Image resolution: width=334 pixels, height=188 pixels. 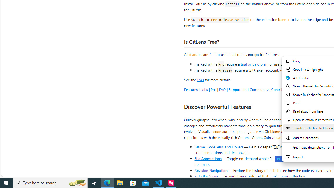 What do you see at coordinates (213, 89) in the screenshot?
I see `'Pro'` at bounding box center [213, 89].